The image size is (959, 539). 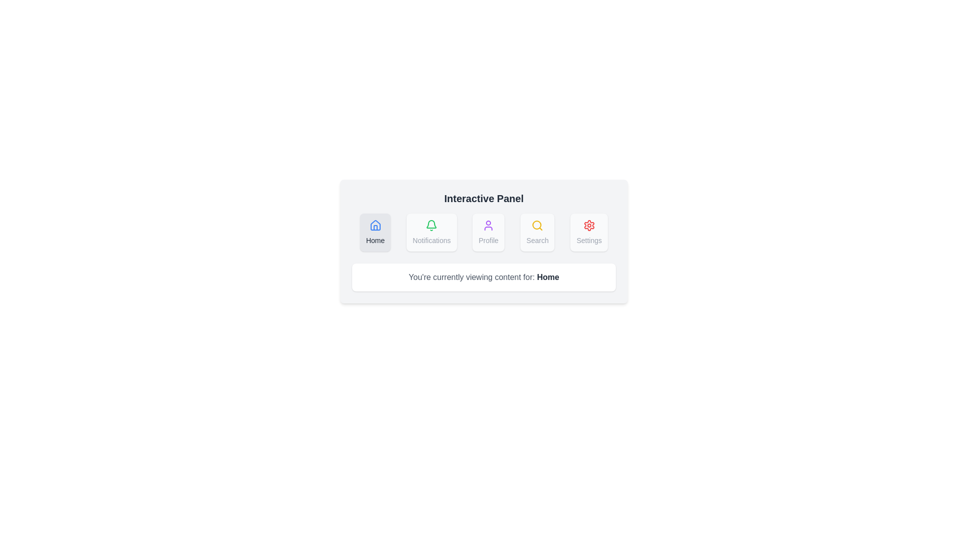 What do you see at coordinates (589, 225) in the screenshot?
I see `the red cogwheel icon located in the Settings section of the bottom panel` at bounding box center [589, 225].